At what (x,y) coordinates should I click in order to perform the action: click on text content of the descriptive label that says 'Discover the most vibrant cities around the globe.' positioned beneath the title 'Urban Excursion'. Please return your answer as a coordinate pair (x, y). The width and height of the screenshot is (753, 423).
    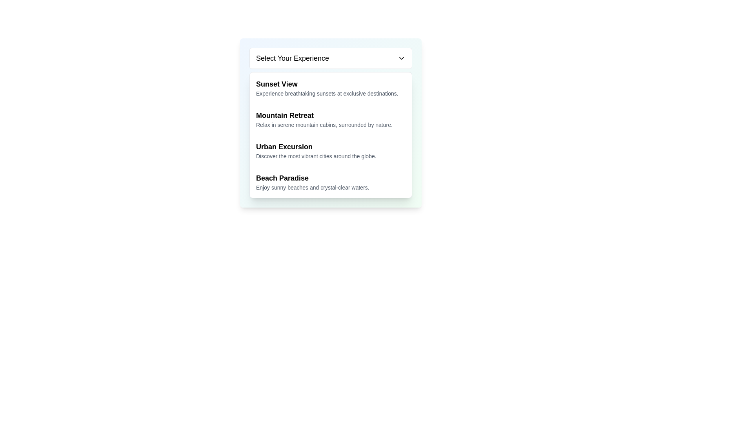
    Looking at the image, I should click on (331, 156).